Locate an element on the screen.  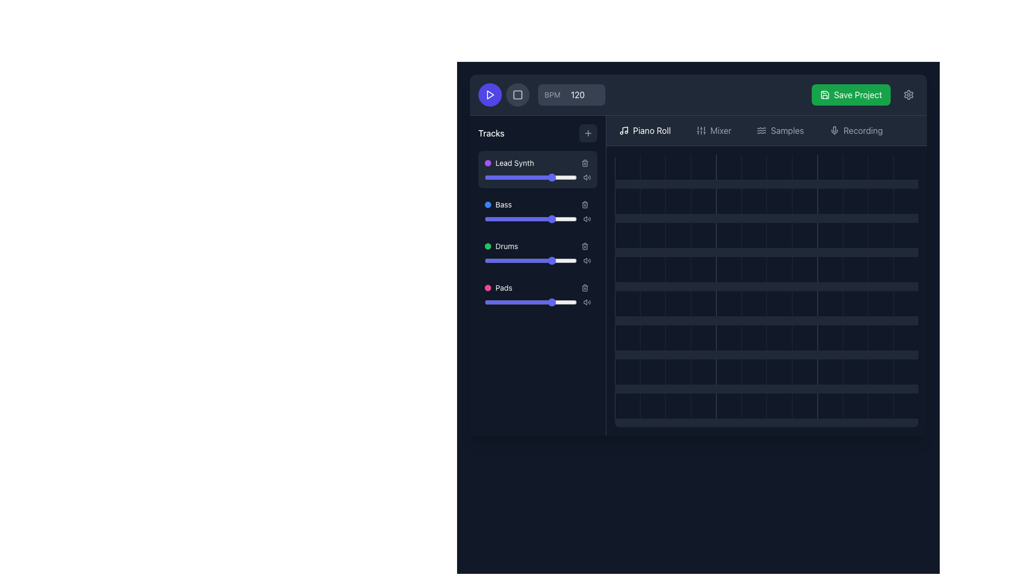
the gear icon button located in the top-right section of the interface is located at coordinates (908, 94).